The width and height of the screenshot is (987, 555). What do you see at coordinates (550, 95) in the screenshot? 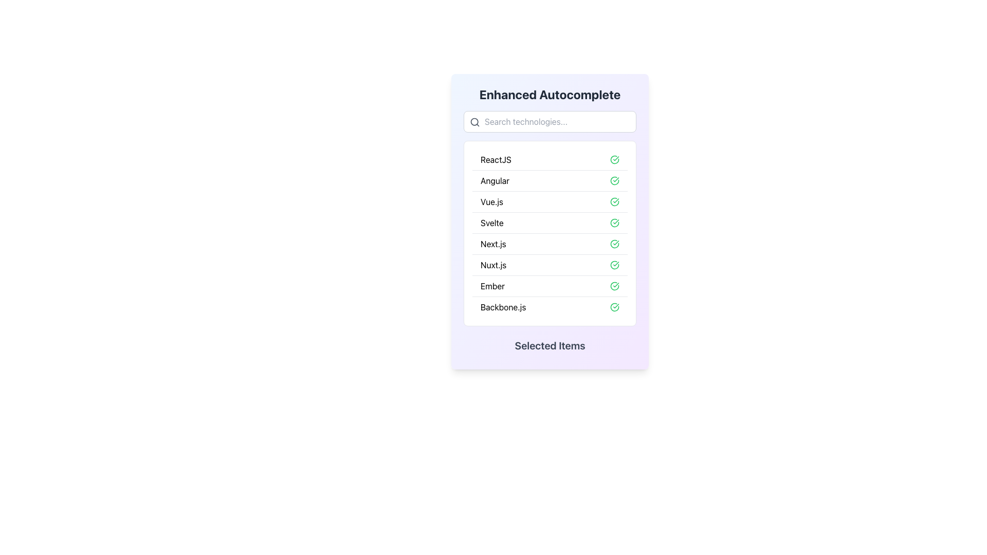
I see `'Enhanced Autocomplete' text label located at the upper center of its containing card to understand the section's purpose` at bounding box center [550, 95].